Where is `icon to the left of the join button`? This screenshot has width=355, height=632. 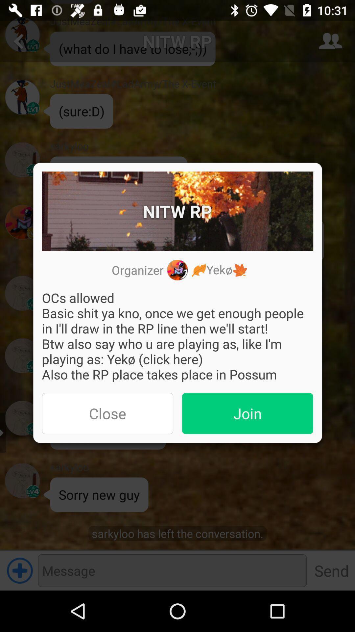 icon to the left of the join button is located at coordinates (107, 413).